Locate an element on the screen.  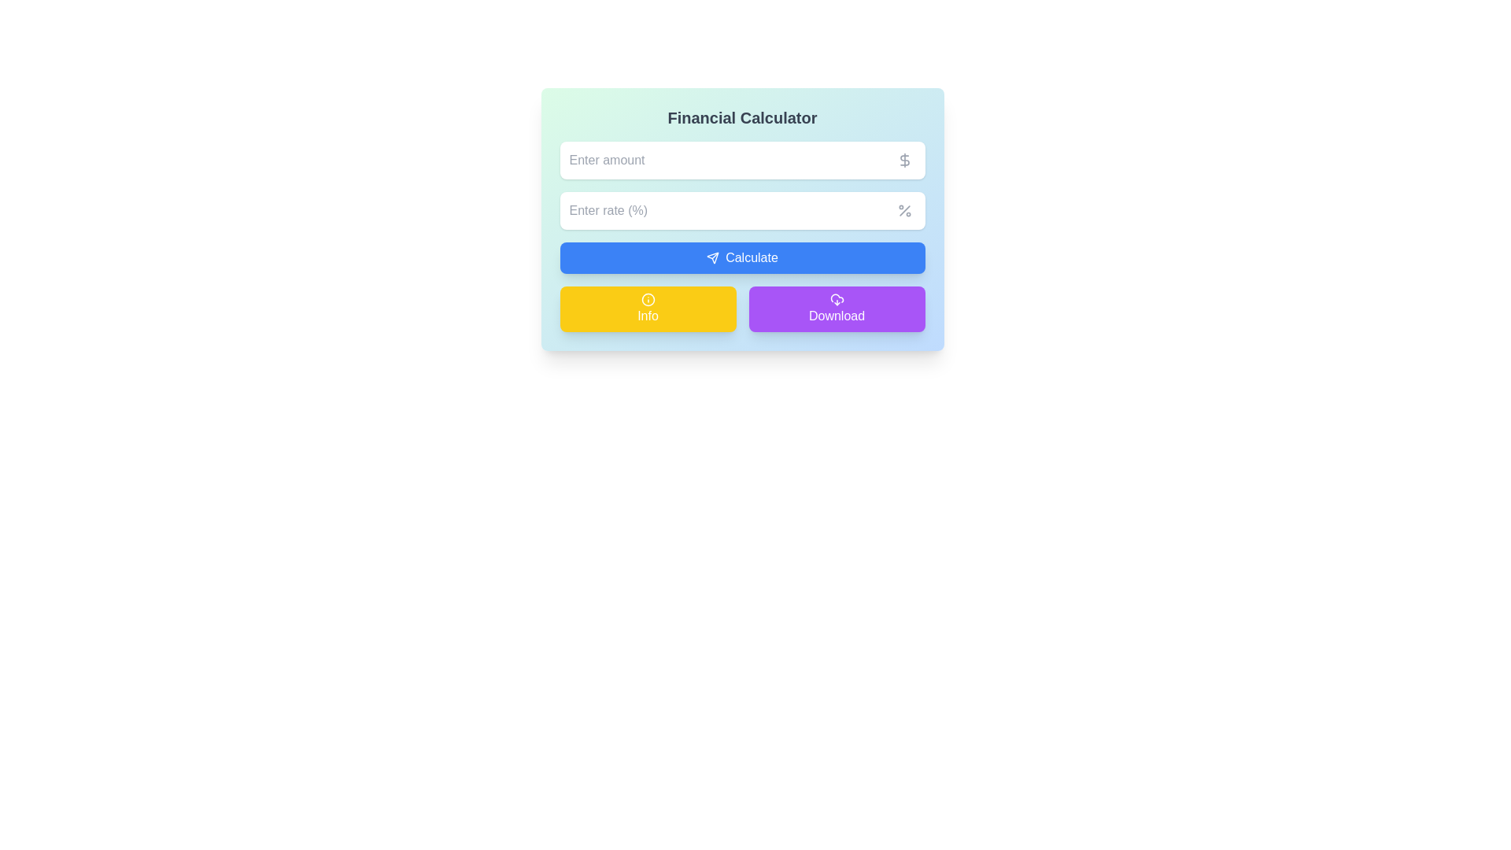
the thin diagonal decorative line that runs from the top-right to the bottom-left within the percentage icon, located to the right of the second text box labeled 'Enter rate (%)' is located at coordinates (904, 209).